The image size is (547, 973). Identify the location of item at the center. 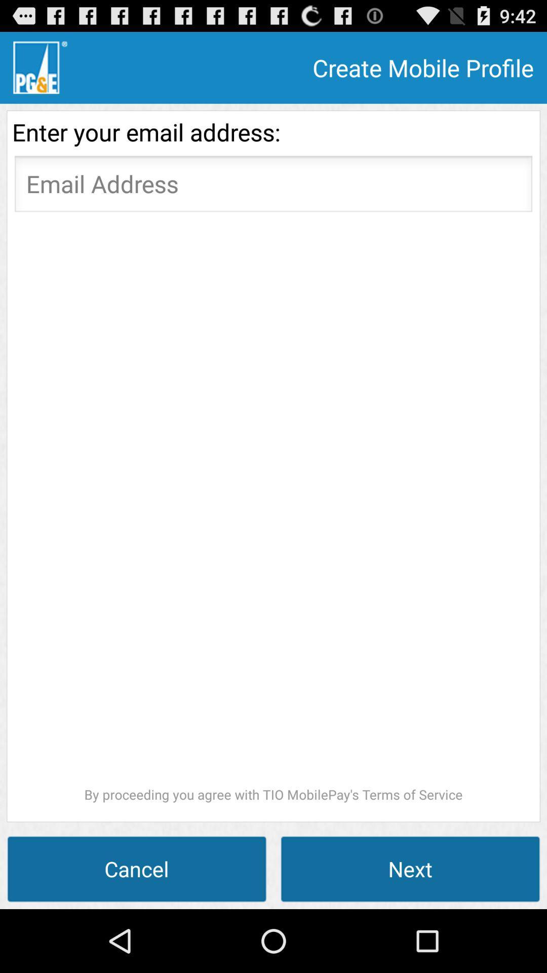
(273, 511).